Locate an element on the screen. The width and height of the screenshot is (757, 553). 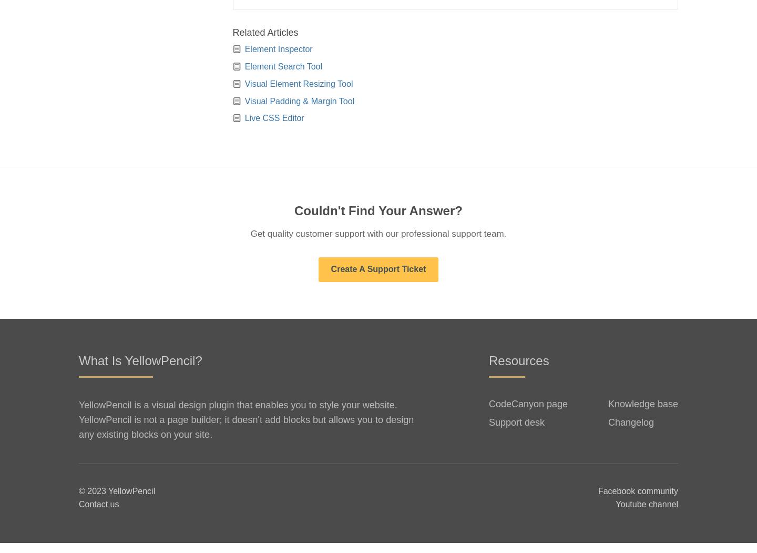
'Live CSS Editor' is located at coordinates (273, 128).